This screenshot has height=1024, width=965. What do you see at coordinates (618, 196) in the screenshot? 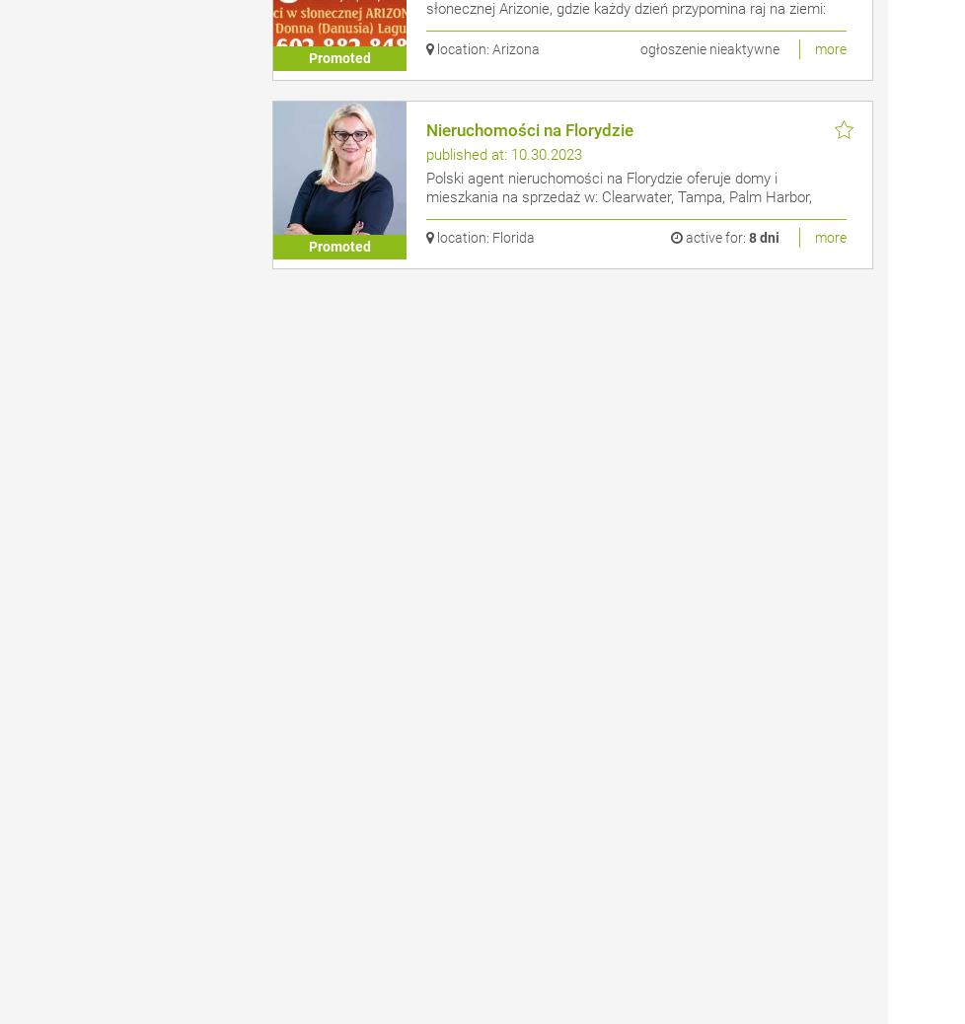
I see `'Polski agent nieruchomości na Florydzie oferuje domy i mieszkania na sprzedaż w: Clearwater, Tampa, Palm Harbor, Safety Harbor...'` at bounding box center [618, 196].